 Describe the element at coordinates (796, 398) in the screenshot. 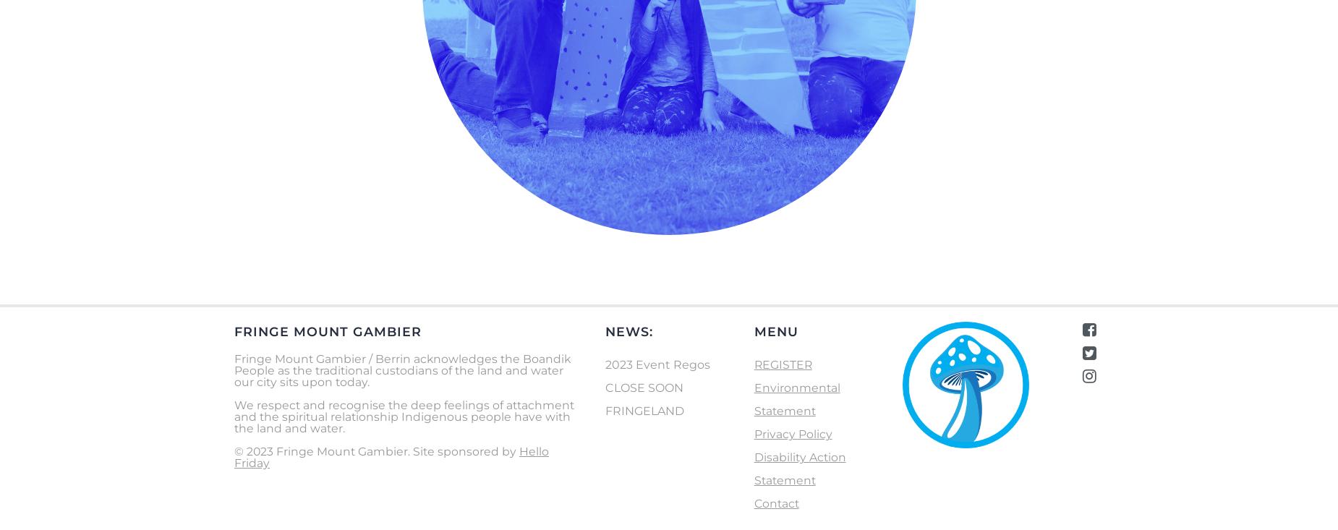

I see `'Environmental Statement'` at that location.